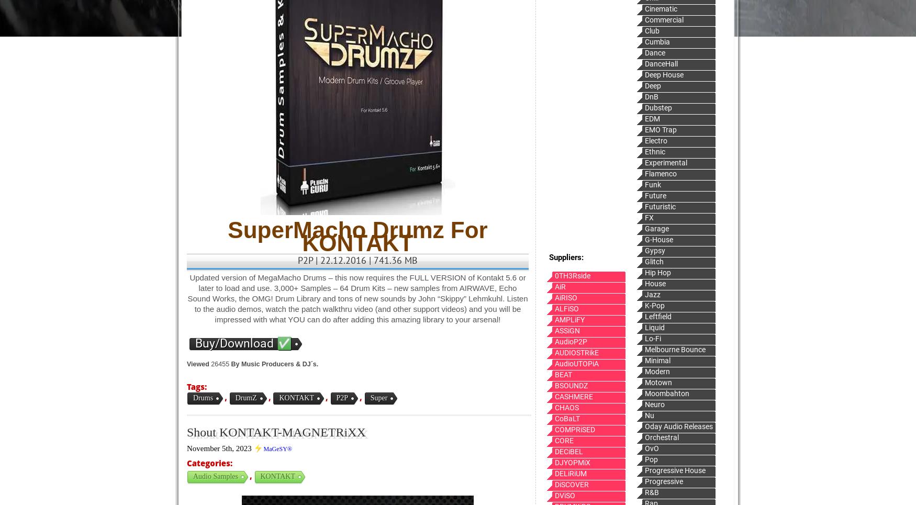 This screenshot has height=505, width=916. Describe the element at coordinates (357, 260) in the screenshot. I see `'P2P | 22.12.2016 | 741.36 MB'` at that location.